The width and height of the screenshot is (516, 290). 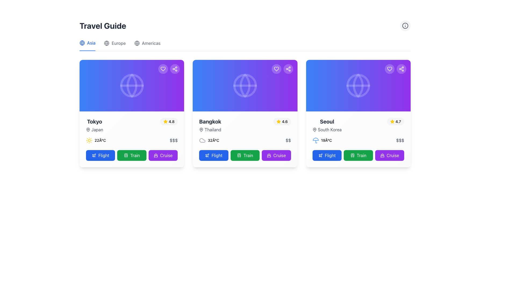 I want to click on the leftmost blue button labeled 'Flight' with a white airplane icon, located at the bottom of the 'Seoul' card, so click(x=327, y=155).